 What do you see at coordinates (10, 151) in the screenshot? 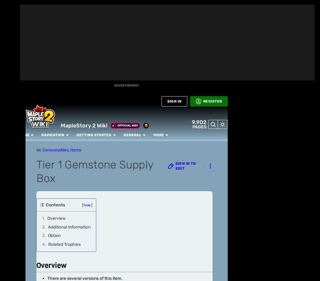
I see `'TV'` at bounding box center [10, 151].